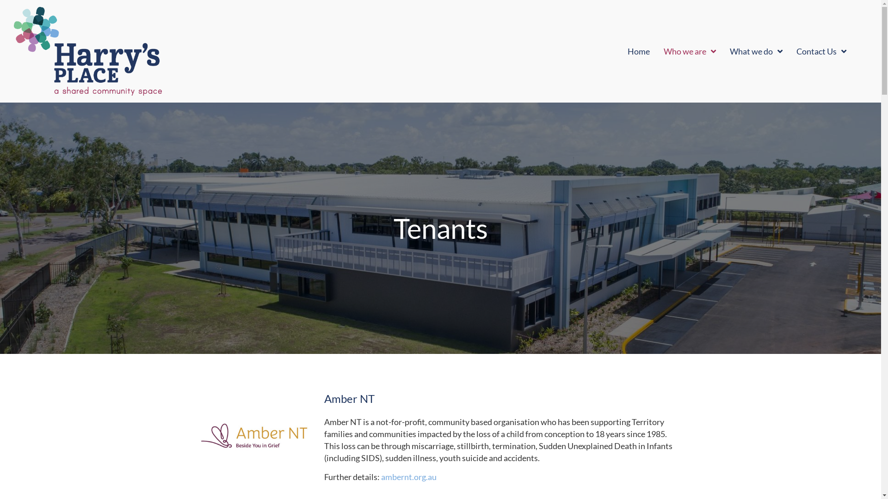 The image size is (888, 499). Describe the element at coordinates (756, 51) in the screenshot. I see `'What we do'` at that location.